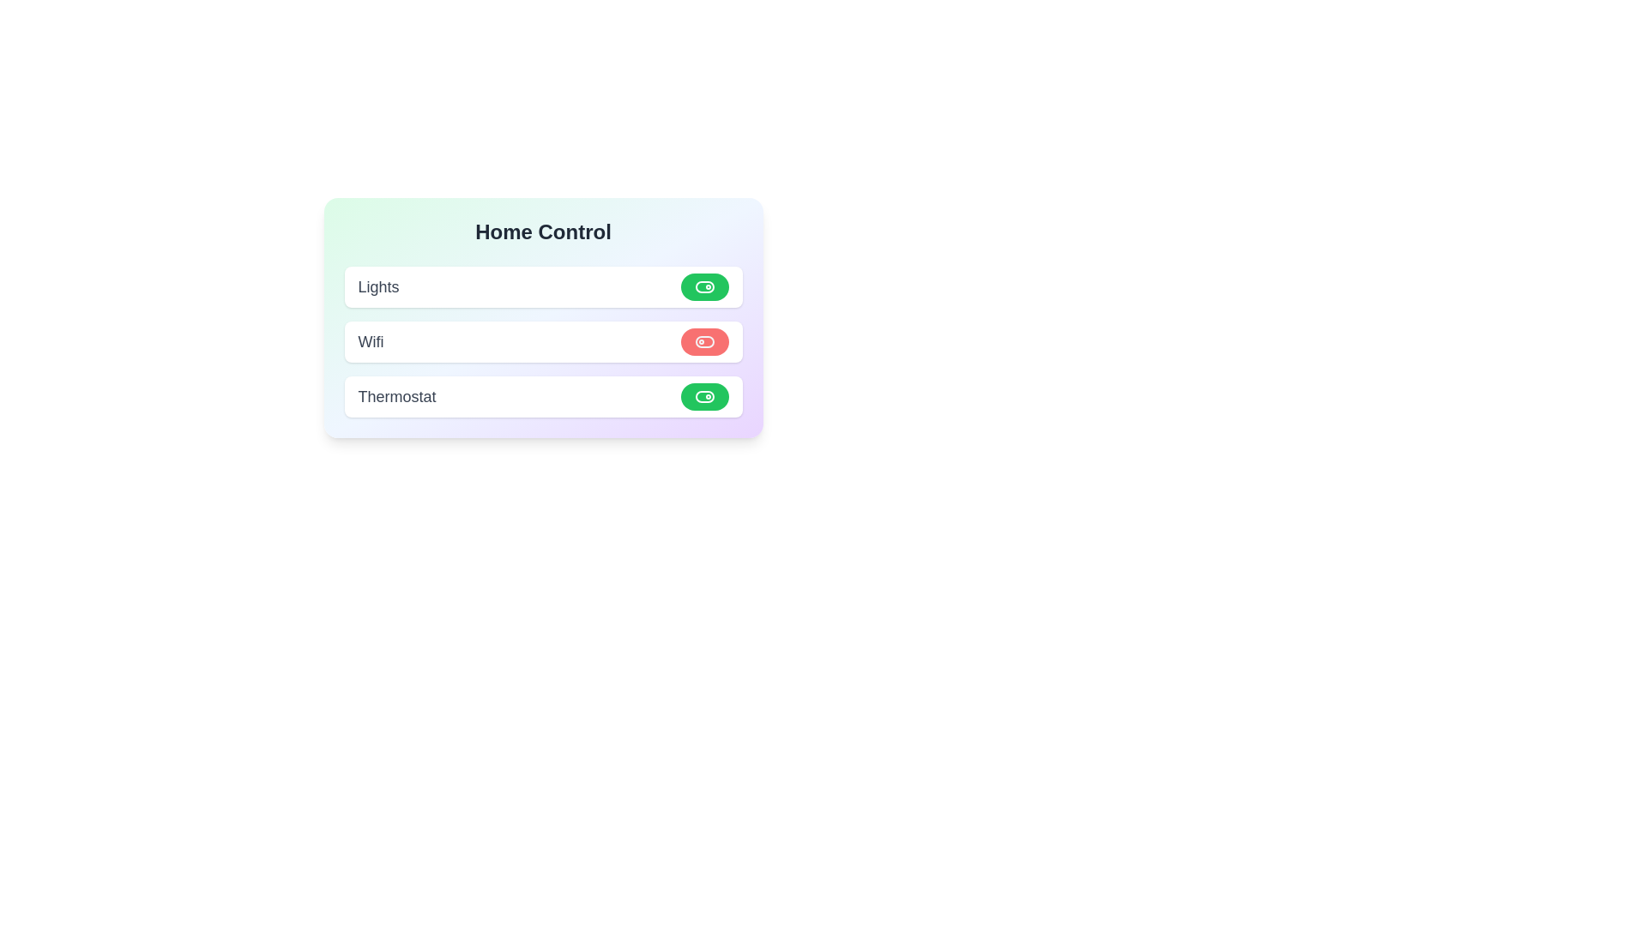 This screenshot has height=926, width=1647. I want to click on the thermostat control element, which is the third item in the vertical list below the 'WiFi' element, so click(542, 396).